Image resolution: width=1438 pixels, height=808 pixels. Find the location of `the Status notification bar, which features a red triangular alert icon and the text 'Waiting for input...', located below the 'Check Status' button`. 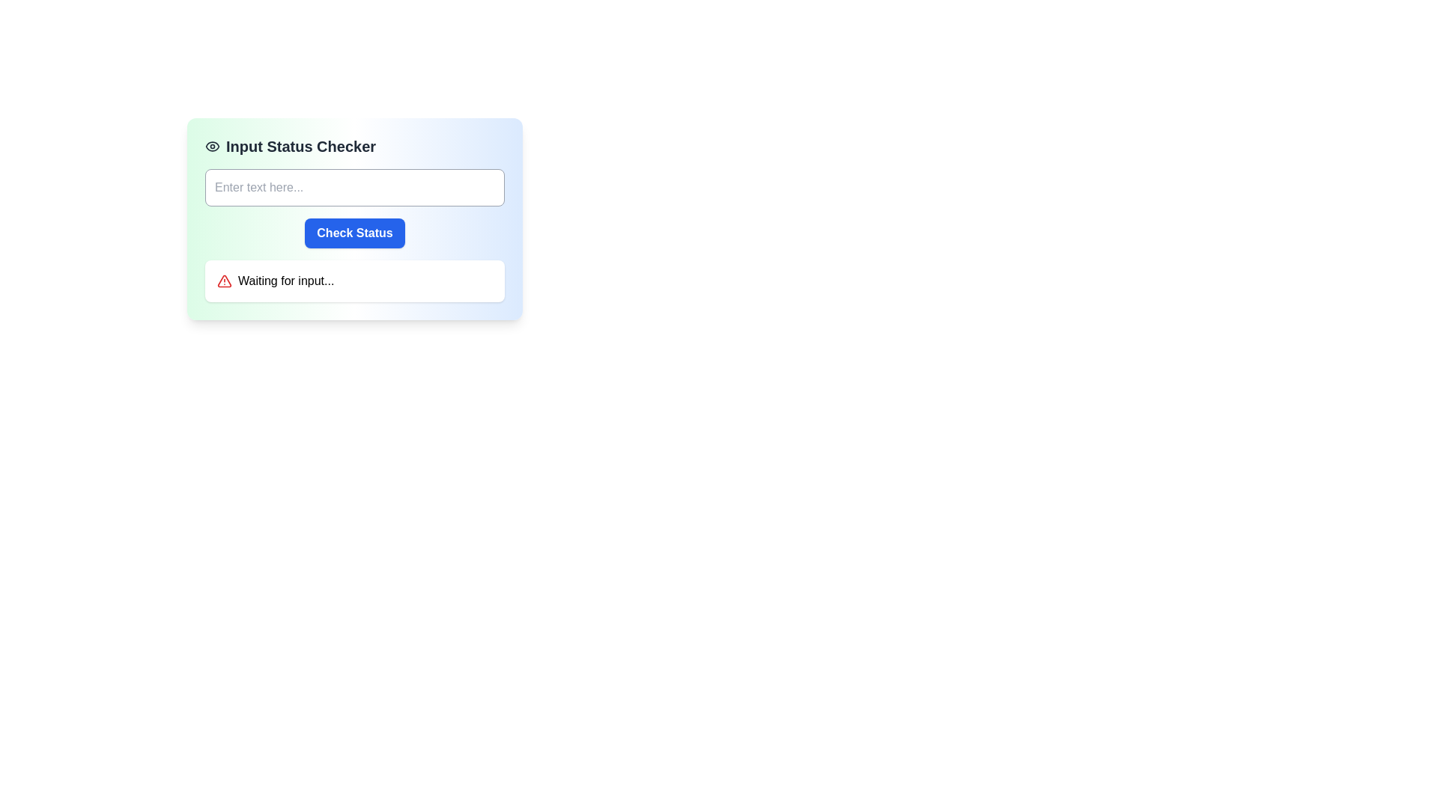

the Status notification bar, which features a red triangular alert icon and the text 'Waiting for input...', located below the 'Check Status' button is located at coordinates (354, 281).